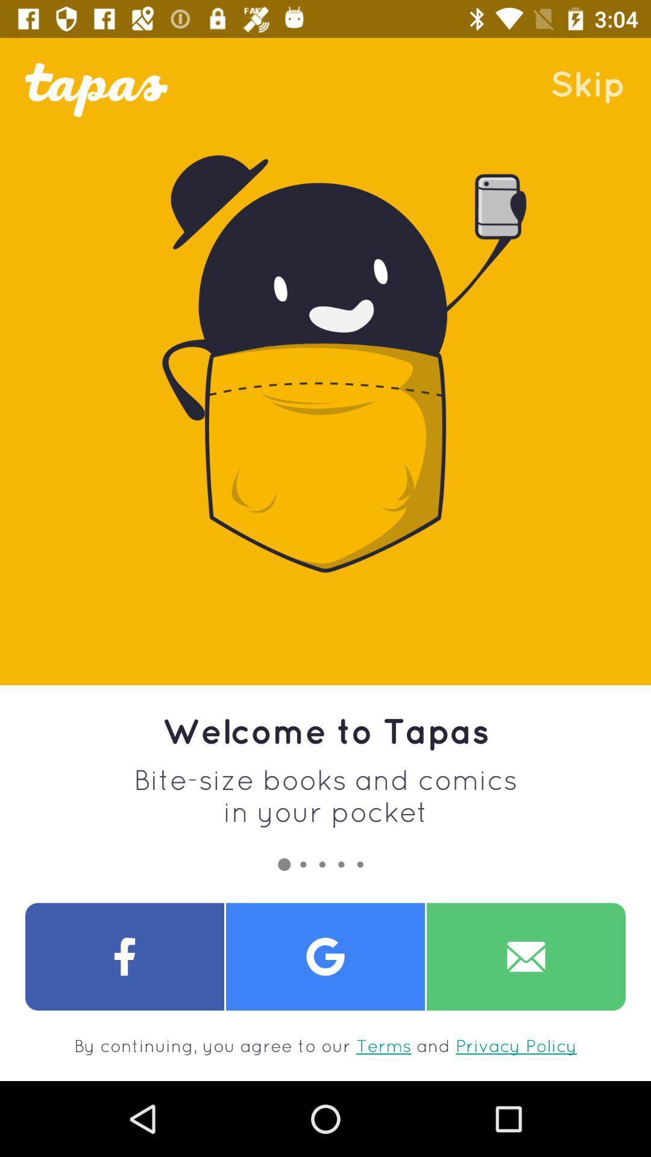  I want to click on item at the top right corner, so click(587, 83).